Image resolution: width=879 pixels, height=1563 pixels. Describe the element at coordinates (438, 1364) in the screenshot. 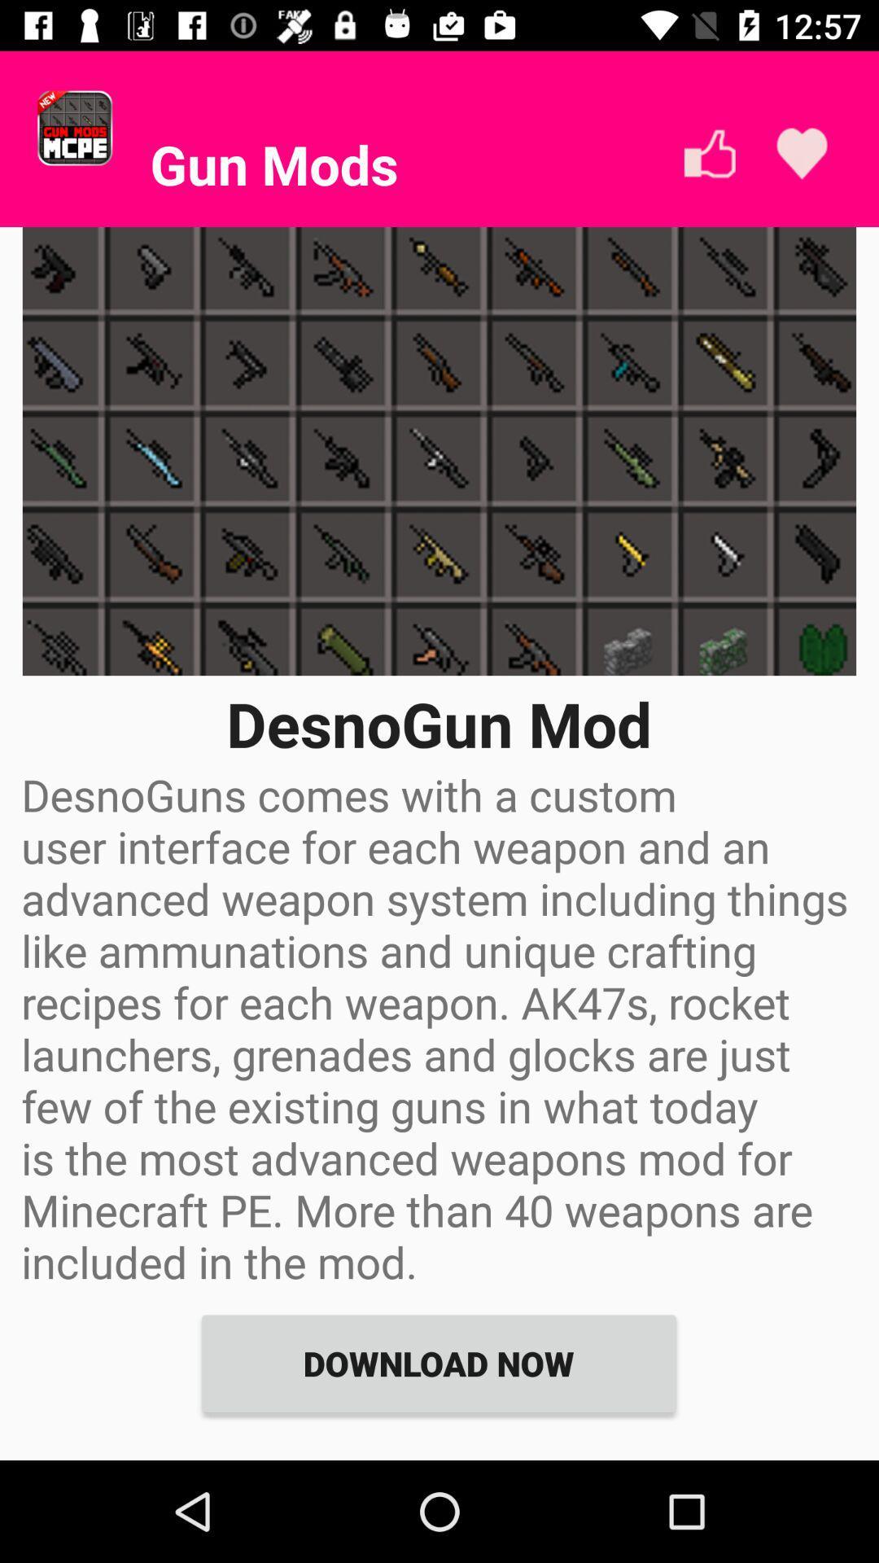

I see `the icon below the desnoguns comes with` at that location.